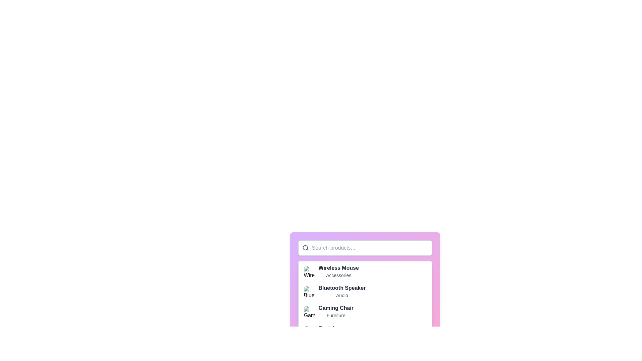 The width and height of the screenshot is (642, 361). What do you see at coordinates (309, 271) in the screenshot?
I see `the small rounded square image of the 'Wireless Mouse'` at bounding box center [309, 271].